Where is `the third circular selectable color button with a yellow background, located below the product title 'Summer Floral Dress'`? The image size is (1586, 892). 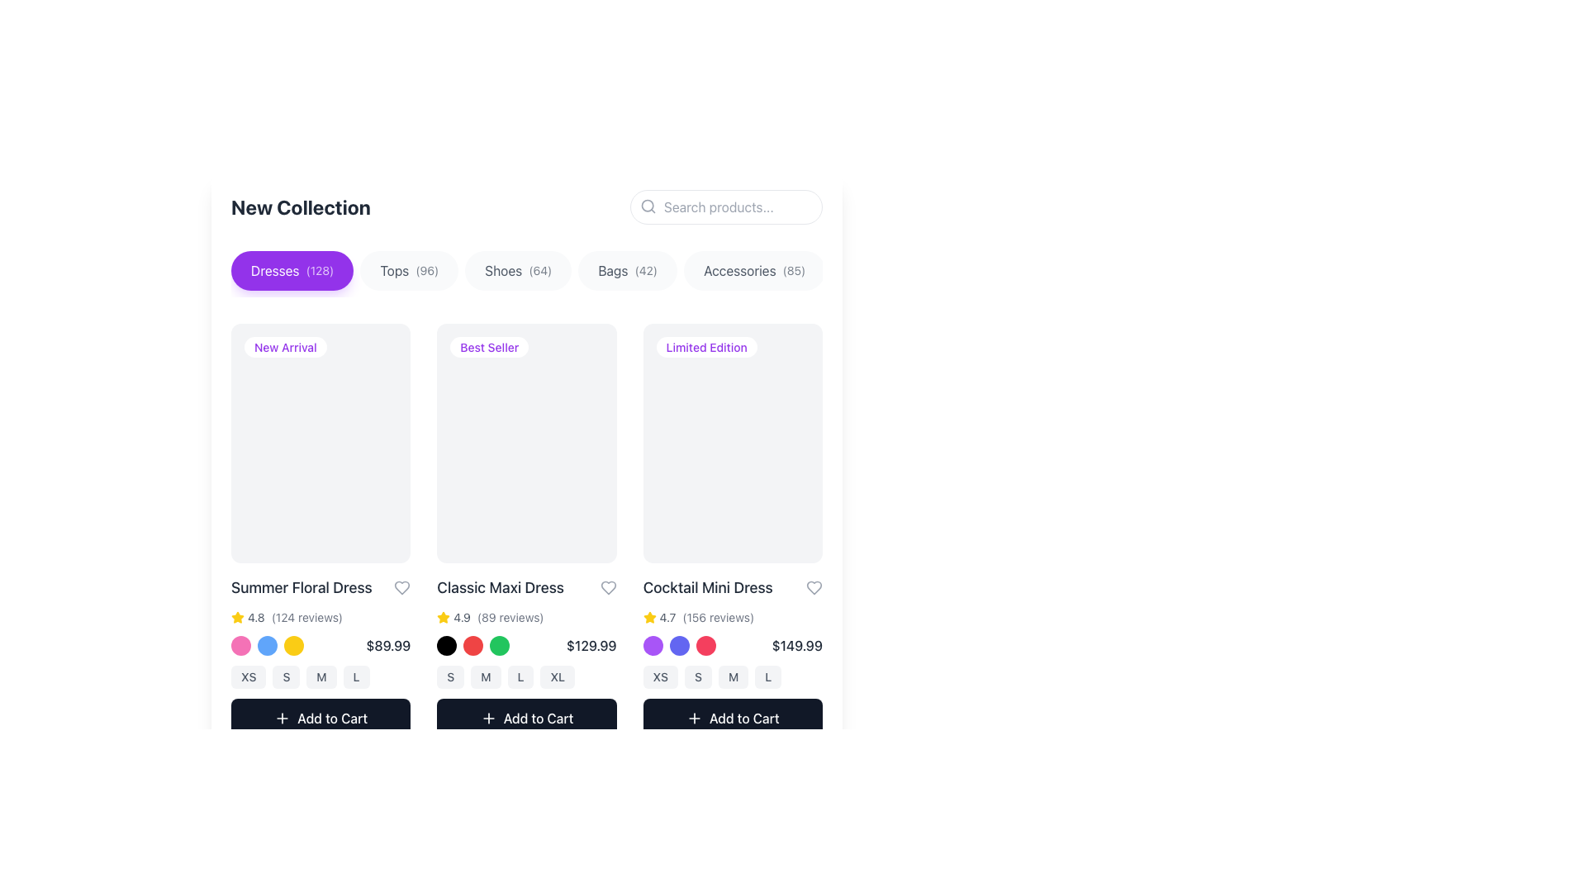
the third circular selectable color button with a yellow background, located below the product title 'Summer Floral Dress' is located at coordinates (293, 643).